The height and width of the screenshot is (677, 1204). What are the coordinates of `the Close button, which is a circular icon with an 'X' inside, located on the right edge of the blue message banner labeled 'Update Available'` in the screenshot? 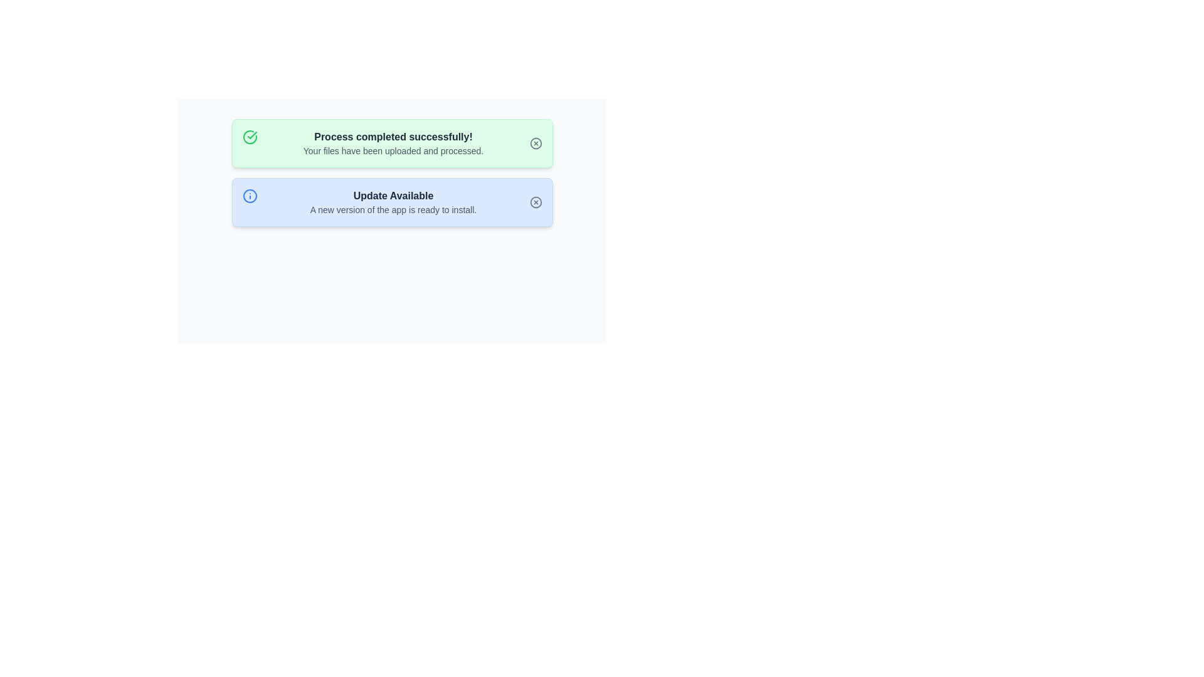 It's located at (536, 202).